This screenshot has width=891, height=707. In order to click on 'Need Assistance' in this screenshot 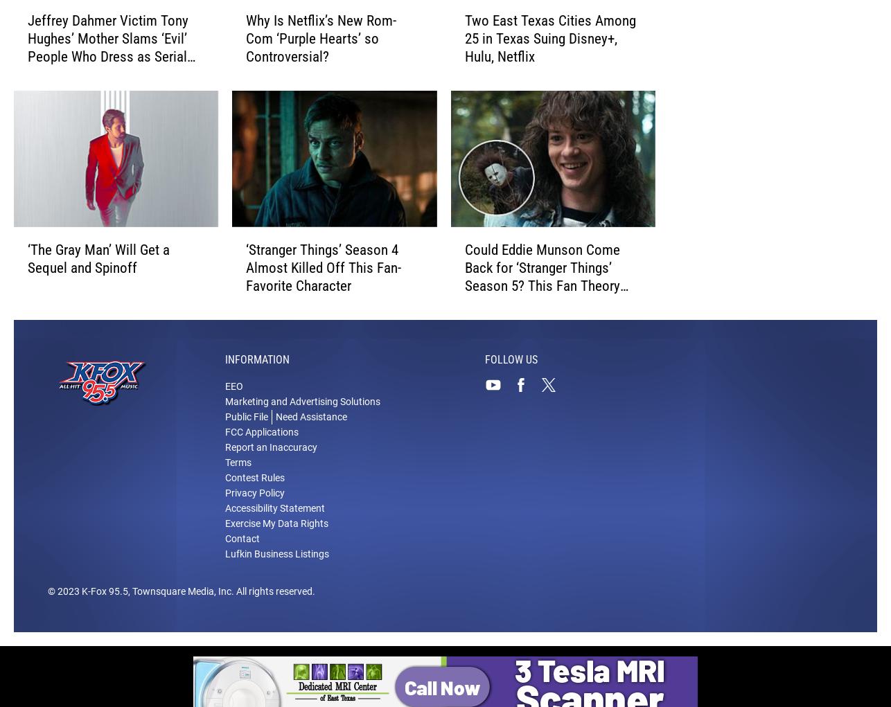, I will do `click(275, 418)`.